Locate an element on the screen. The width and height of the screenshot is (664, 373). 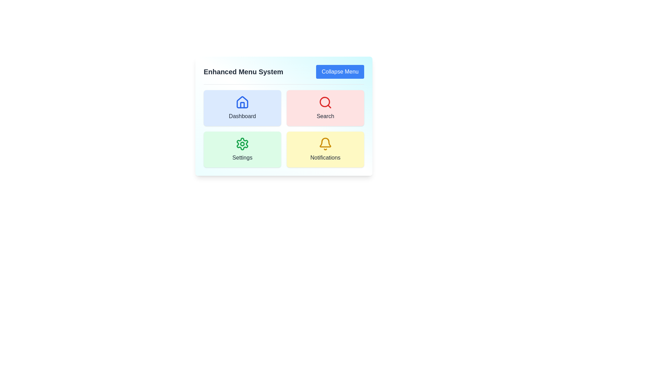
the SVG icon representing the notifications feature, which is centrally located within the 'Notifications' button in the second row, second column of the menu grid is located at coordinates (325, 143).